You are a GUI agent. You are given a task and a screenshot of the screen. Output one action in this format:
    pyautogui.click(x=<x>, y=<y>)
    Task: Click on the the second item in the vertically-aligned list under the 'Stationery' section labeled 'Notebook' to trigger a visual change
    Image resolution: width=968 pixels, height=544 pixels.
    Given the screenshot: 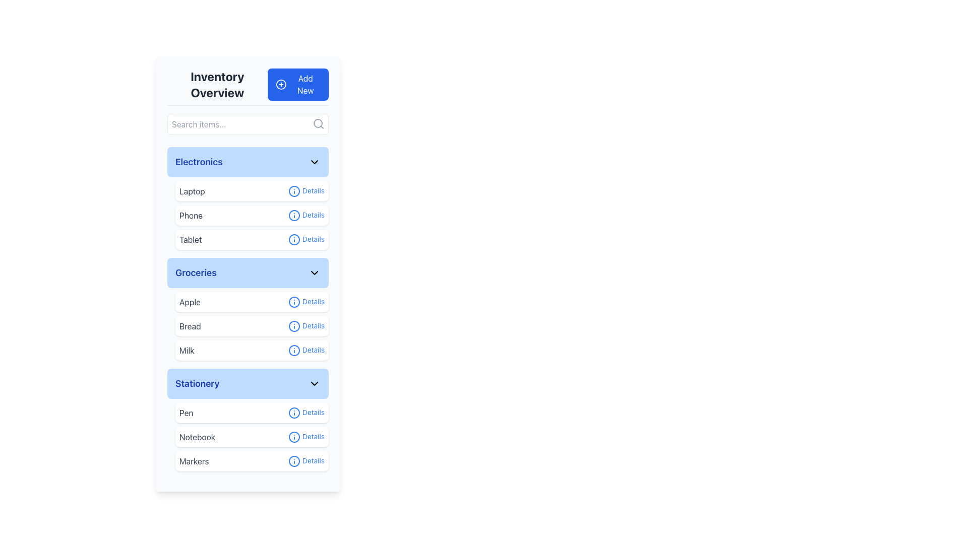 What is the action you would take?
    pyautogui.click(x=252, y=436)
    